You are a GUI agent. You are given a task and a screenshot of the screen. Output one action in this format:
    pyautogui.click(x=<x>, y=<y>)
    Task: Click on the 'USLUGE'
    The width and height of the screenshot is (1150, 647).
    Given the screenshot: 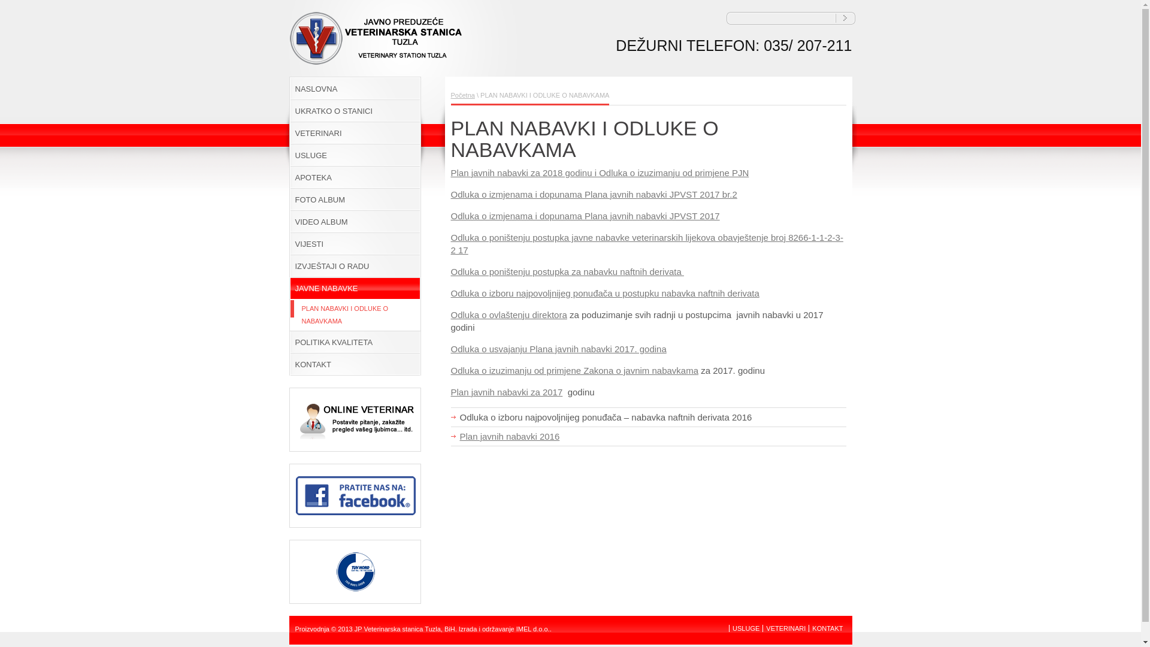 What is the action you would take?
    pyautogui.click(x=745, y=628)
    